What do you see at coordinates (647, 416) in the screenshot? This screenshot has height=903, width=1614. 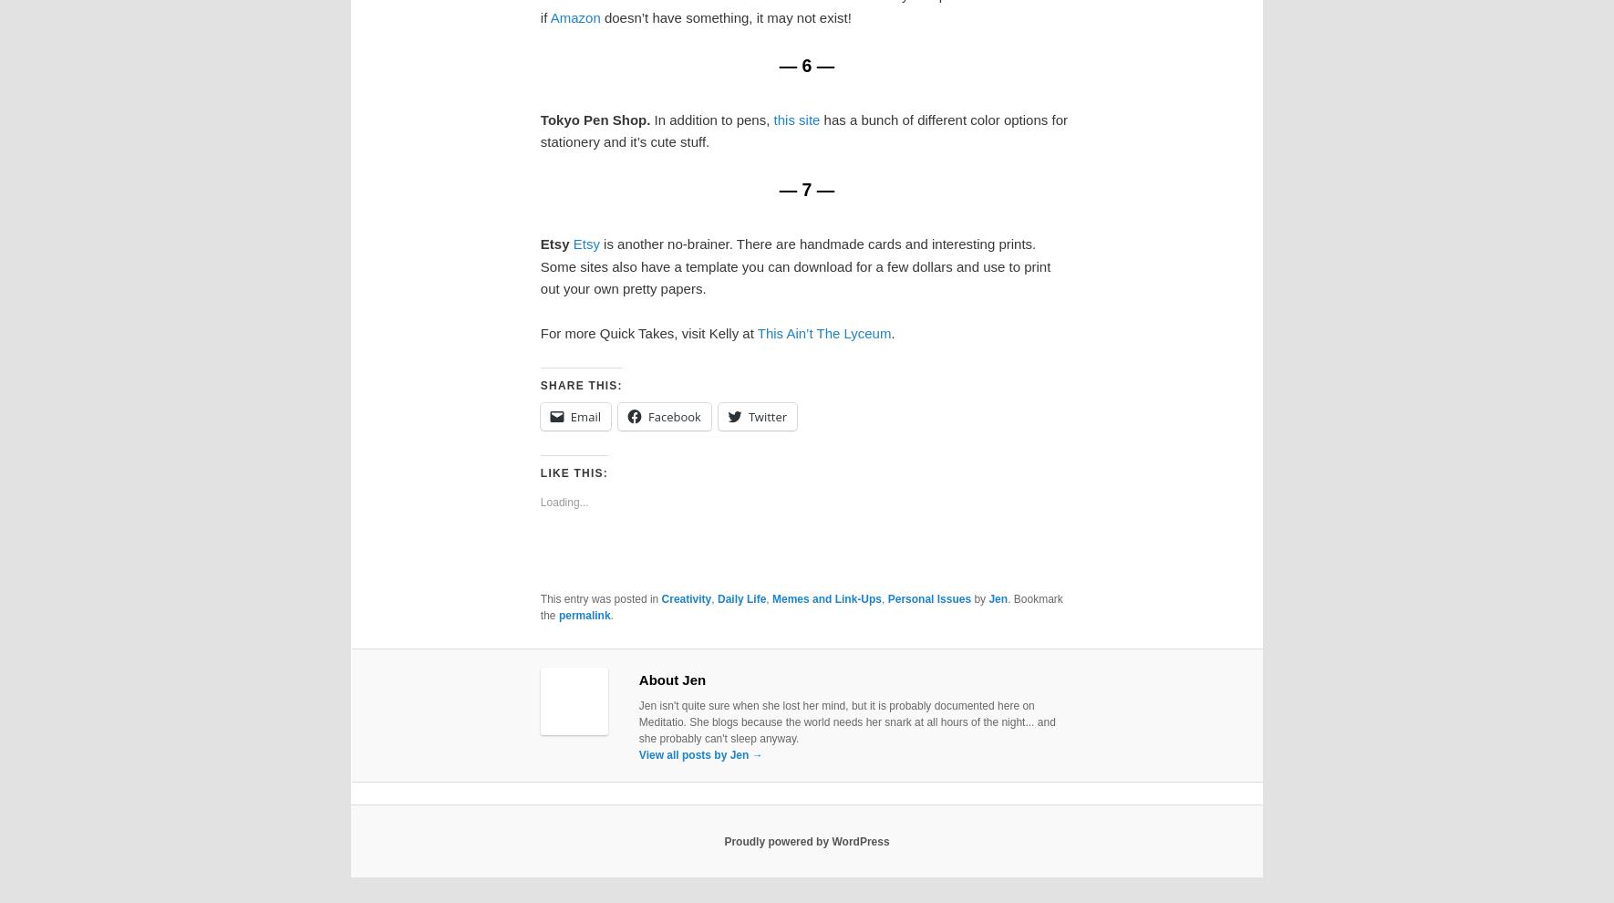 I see `'Facebook'` at bounding box center [647, 416].